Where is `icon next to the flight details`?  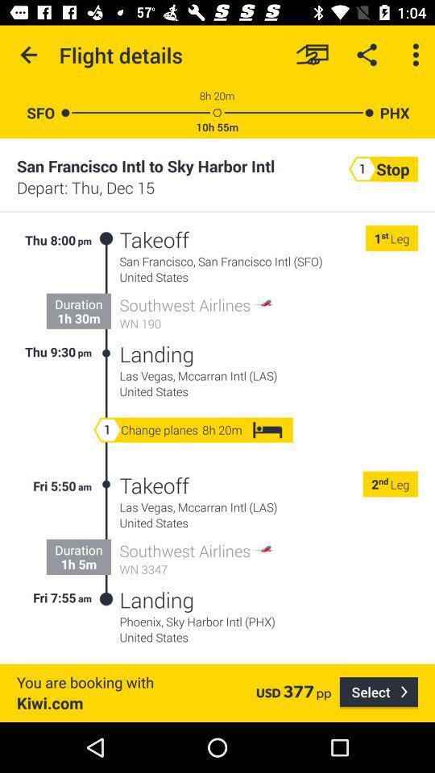
icon next to the flight details is located at coordinates (29, 55).